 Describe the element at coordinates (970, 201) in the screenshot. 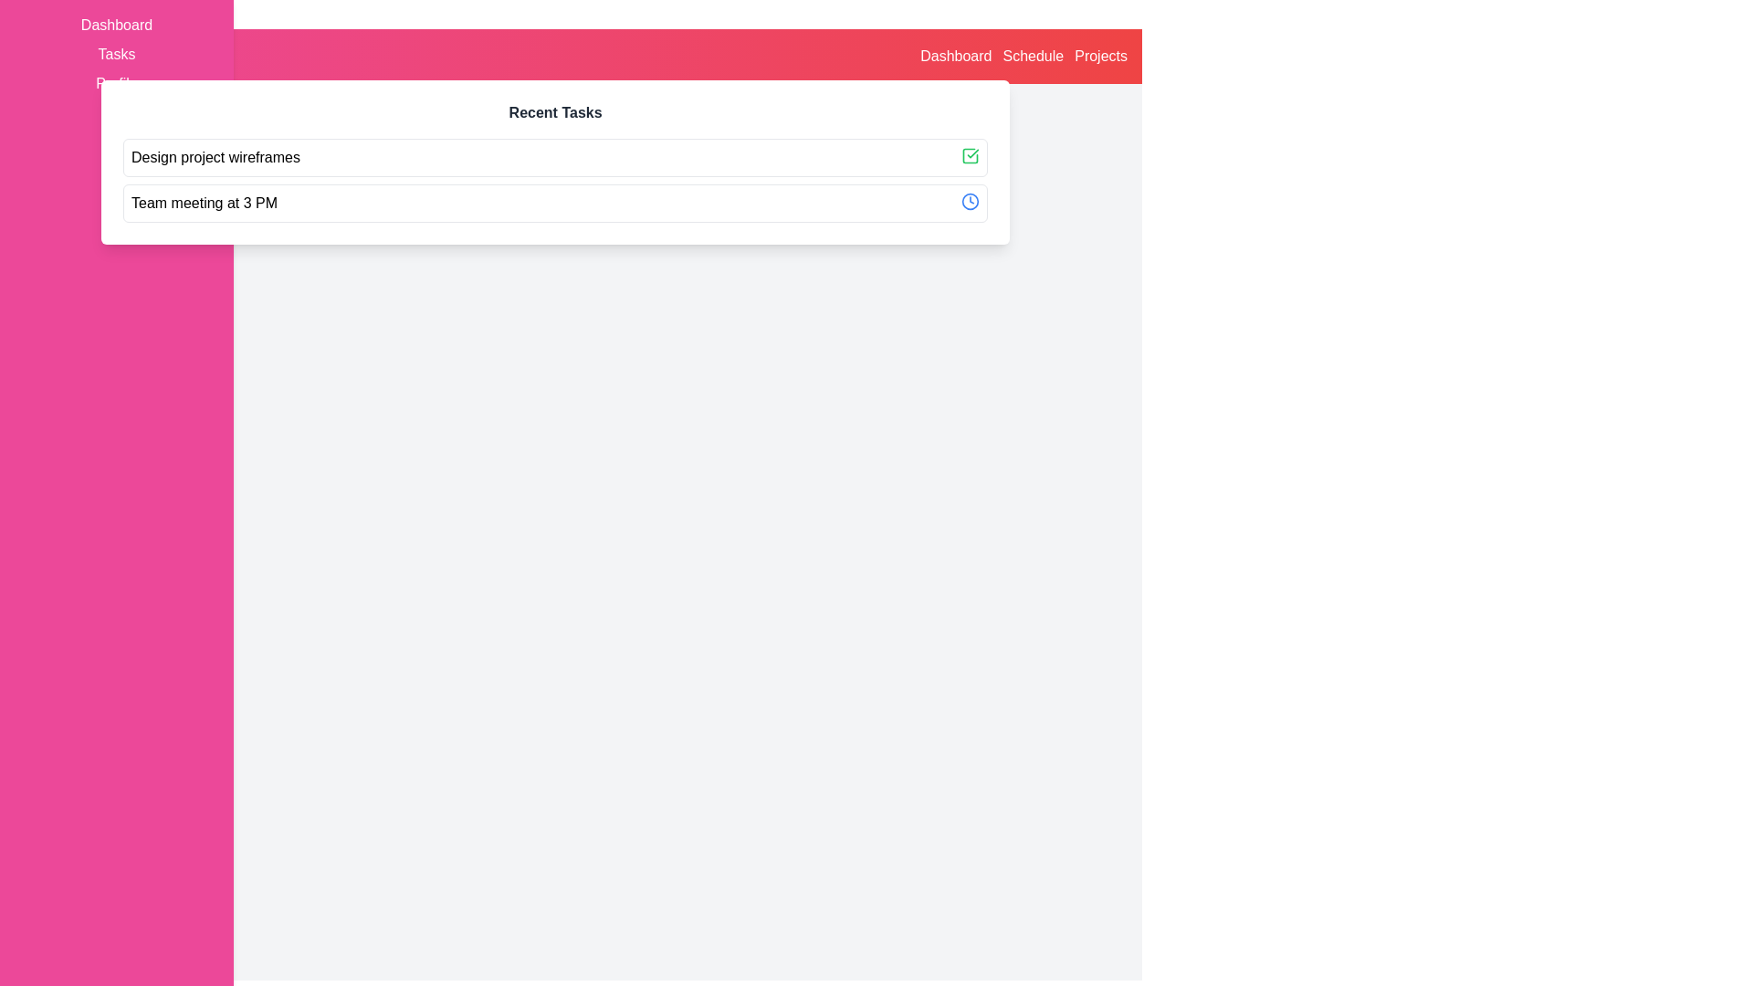

I see `the blue clock-shaped icon located at the far-right side of the 'Team meeting at 3 PM' task row in the 'Recent Tasks' list` at that location.